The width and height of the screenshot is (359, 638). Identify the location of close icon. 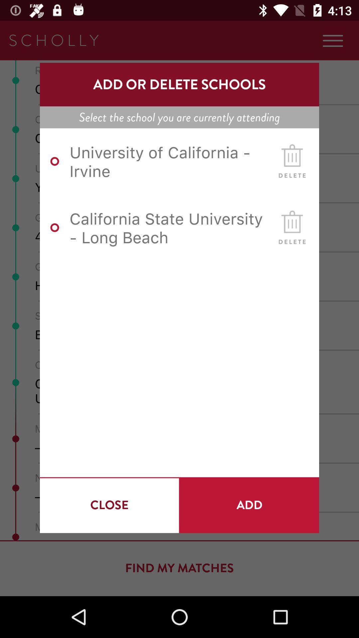
(109, 505).